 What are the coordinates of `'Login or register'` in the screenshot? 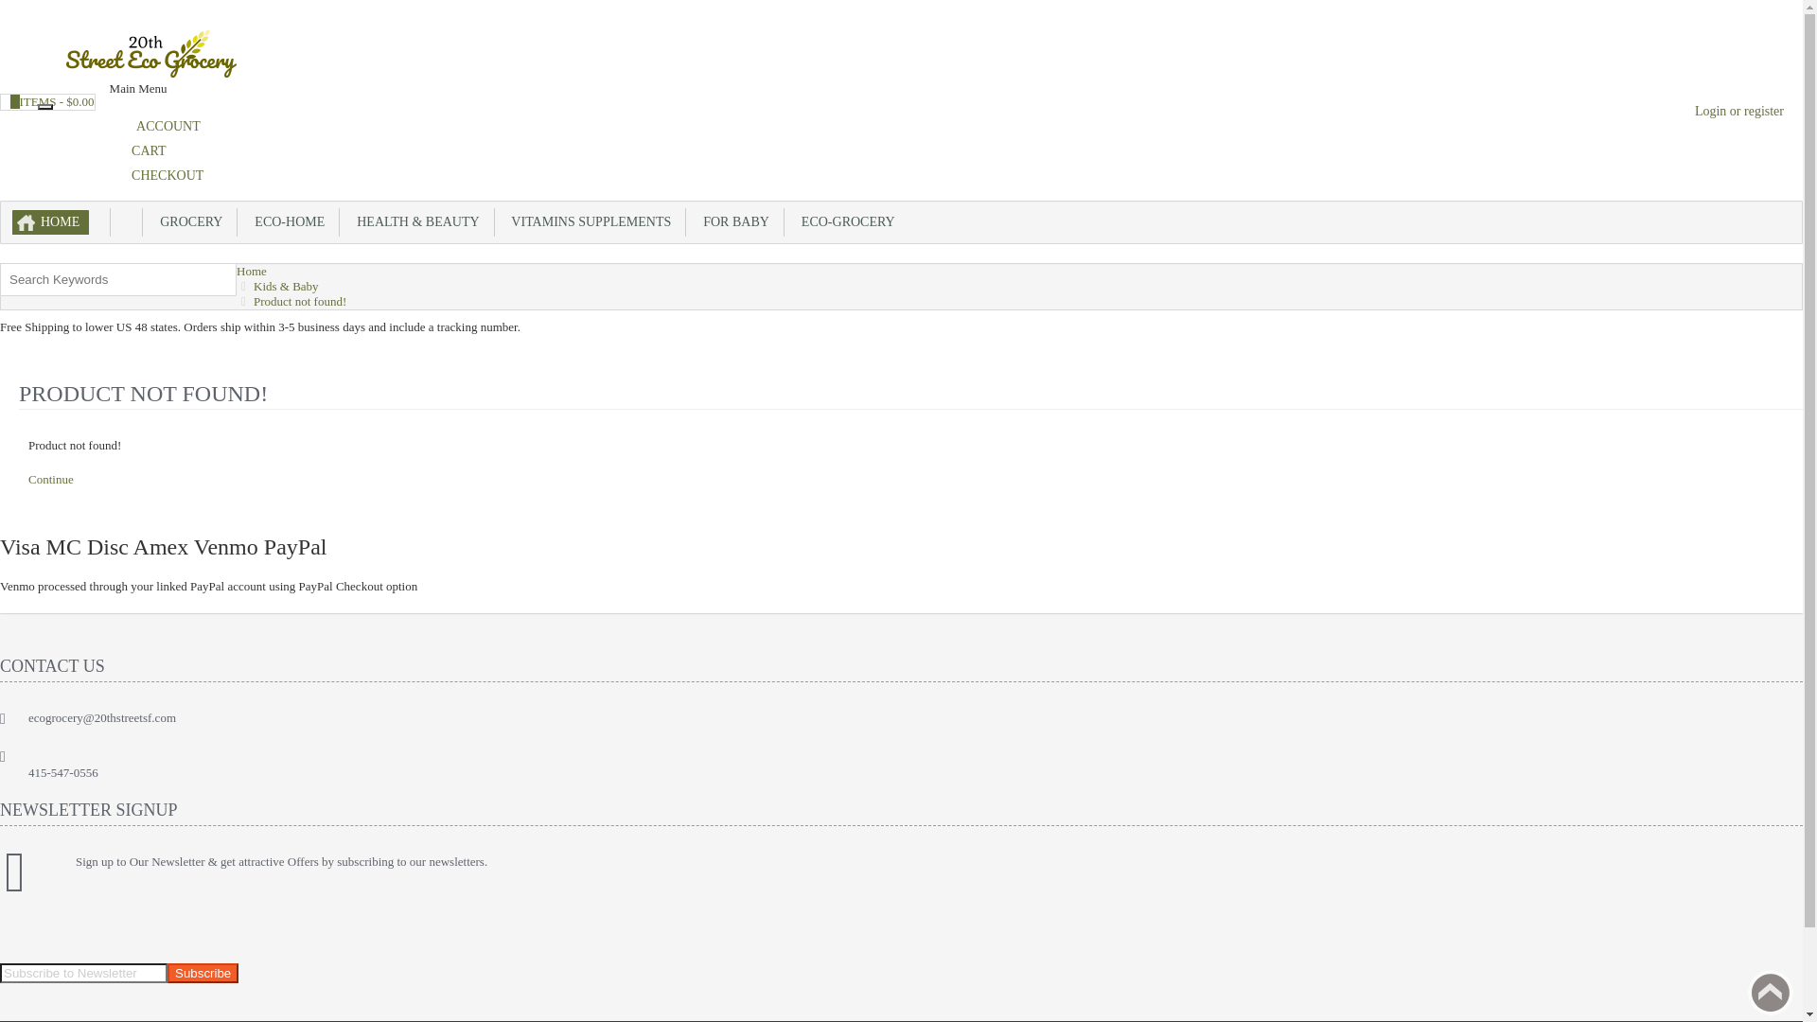 It's located at (1735, 111).